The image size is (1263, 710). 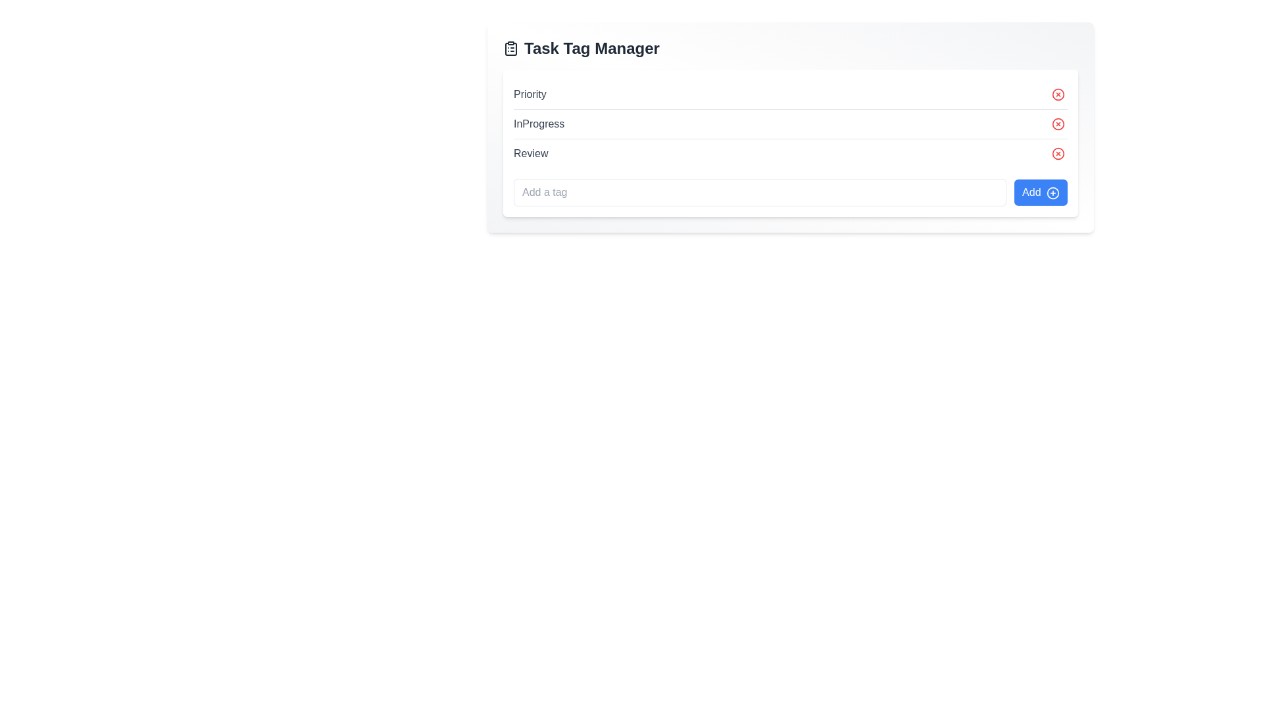 What do you see at coordinates (1058, 124) in the screenshot?
I see `the second red circular icon with a white 'x' to observe hover effects, located to the far right of the 'InProgress' label in the 'Task Tag Manager' section` at bounding box center [1058, 124].